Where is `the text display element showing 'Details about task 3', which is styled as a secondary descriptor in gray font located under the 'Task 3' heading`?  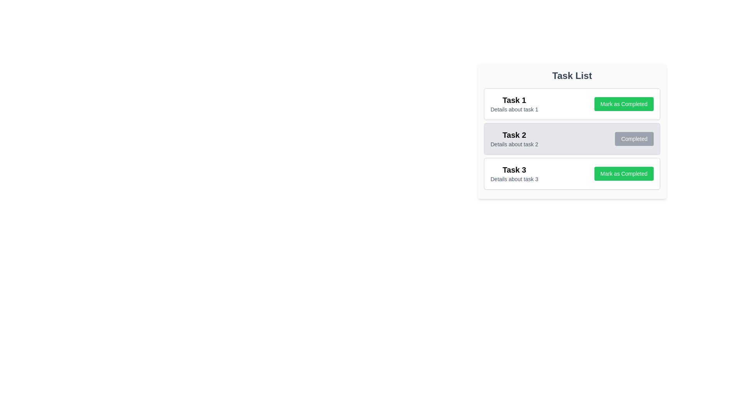
the text display element showing 'Details about task 3', which is styled as a secondary descriptor in gray font located under the 'Task 3' heading is located at coordinates (514, 179).